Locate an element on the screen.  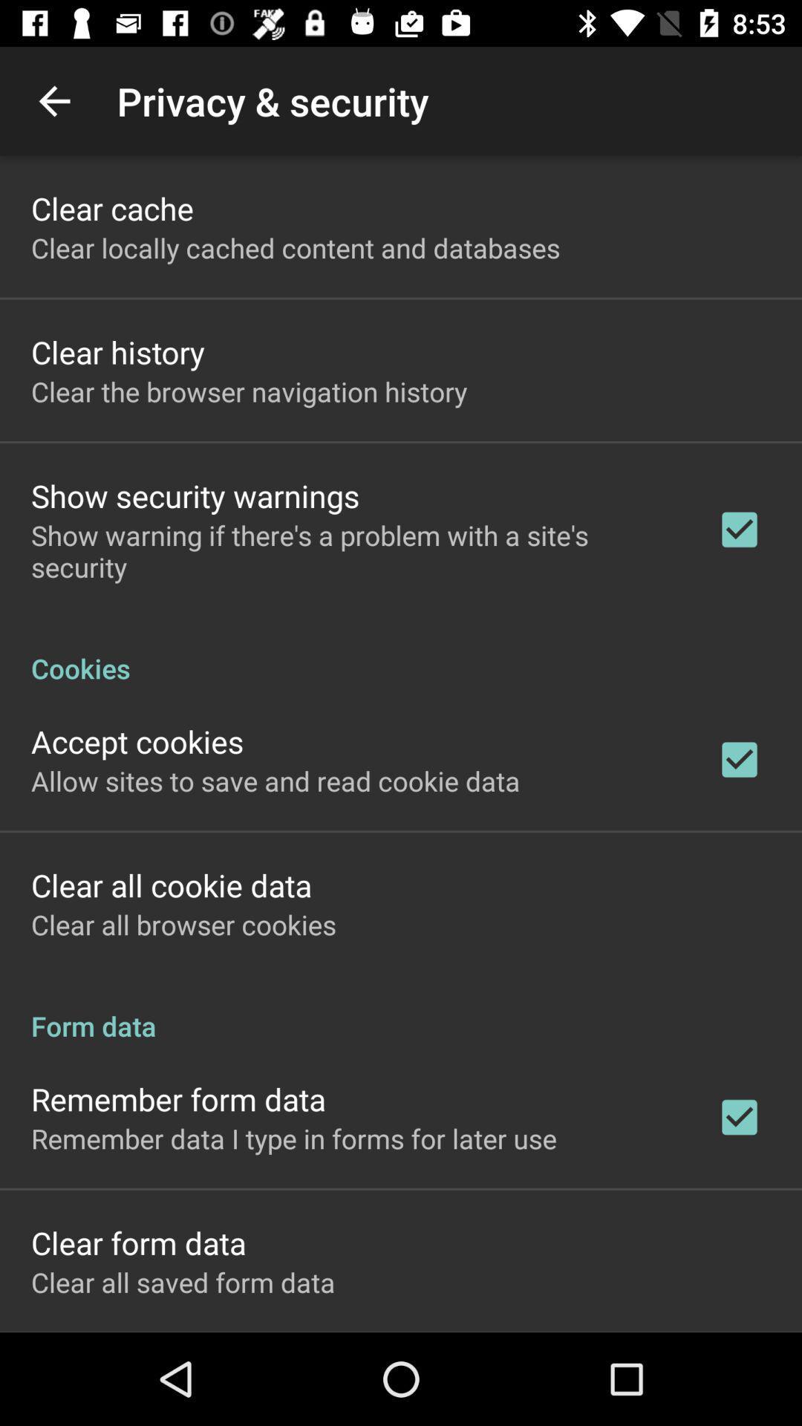
item above the clear locally cached is located at coordinates (111, 207).